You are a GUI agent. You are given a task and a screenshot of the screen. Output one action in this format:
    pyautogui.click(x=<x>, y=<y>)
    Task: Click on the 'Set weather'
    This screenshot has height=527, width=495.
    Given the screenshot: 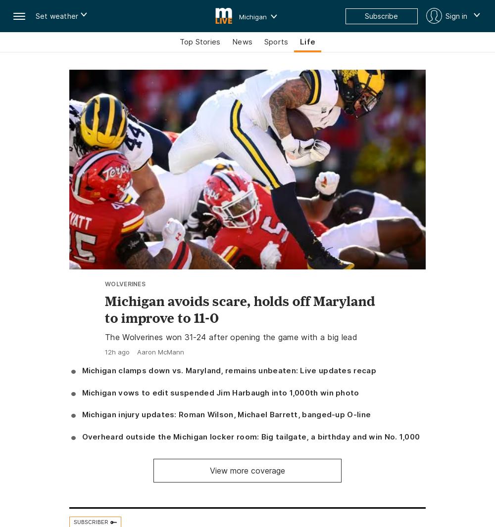 What is the action you would take?
    pyautogui.click(x=56, y=15)
    